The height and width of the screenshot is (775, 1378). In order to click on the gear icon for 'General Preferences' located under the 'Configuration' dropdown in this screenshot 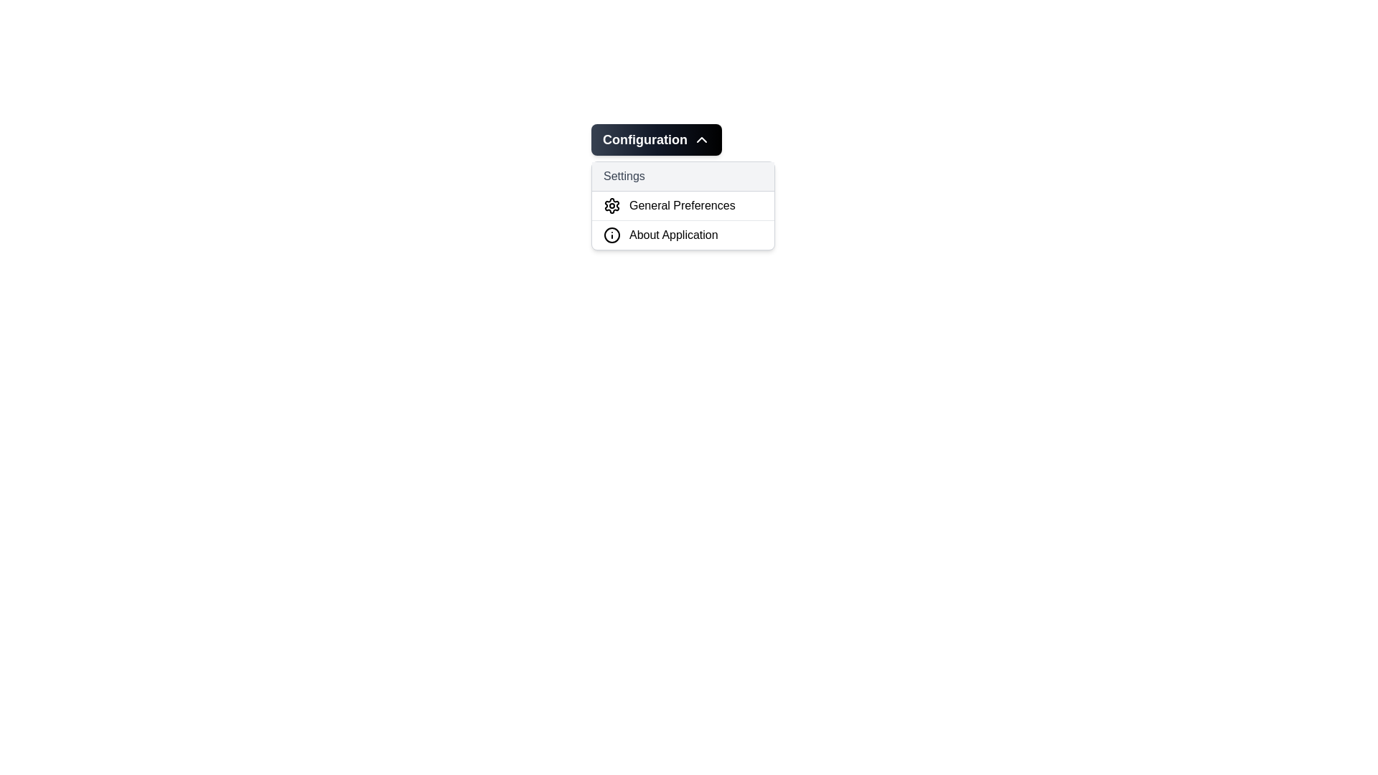, I will do `click(612, 205)`.